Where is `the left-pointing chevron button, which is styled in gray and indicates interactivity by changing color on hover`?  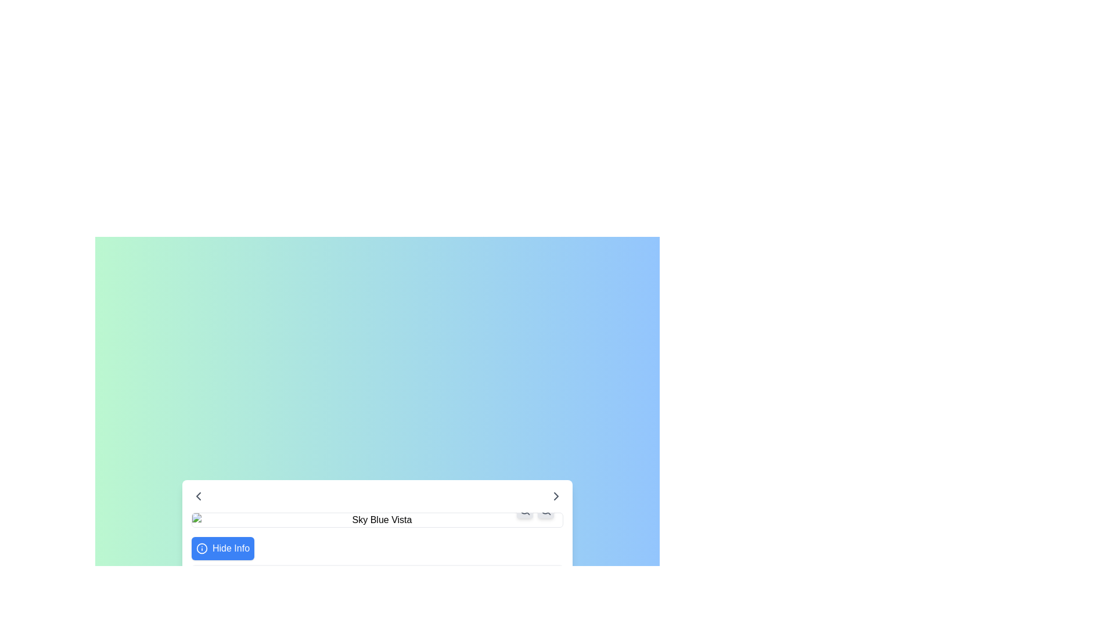
the left-pointing chevron button, which is styled in gray and indicates interactivity by changing color on hover is located at coordinates (198, 496).